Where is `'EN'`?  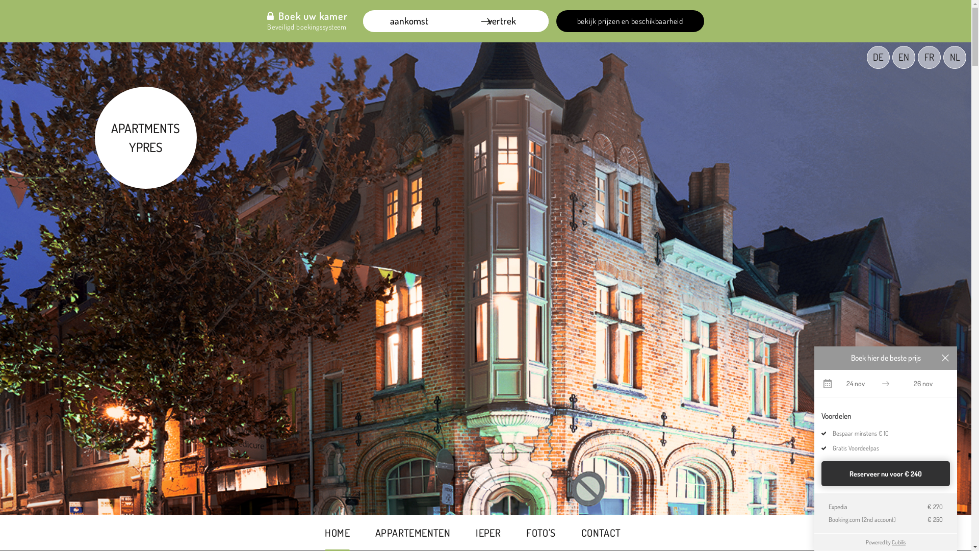
'EN' is located at coordinates (904, 57).